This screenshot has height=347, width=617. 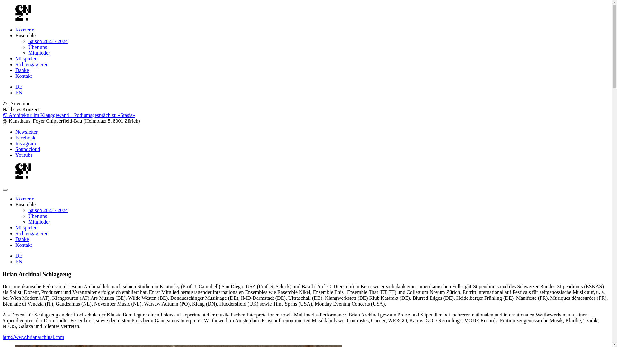 What do you see at coordinates (33, 337) in the screenshot?
I see `'http://www.brianarchinal.com'` at bounding box center [33, 337].